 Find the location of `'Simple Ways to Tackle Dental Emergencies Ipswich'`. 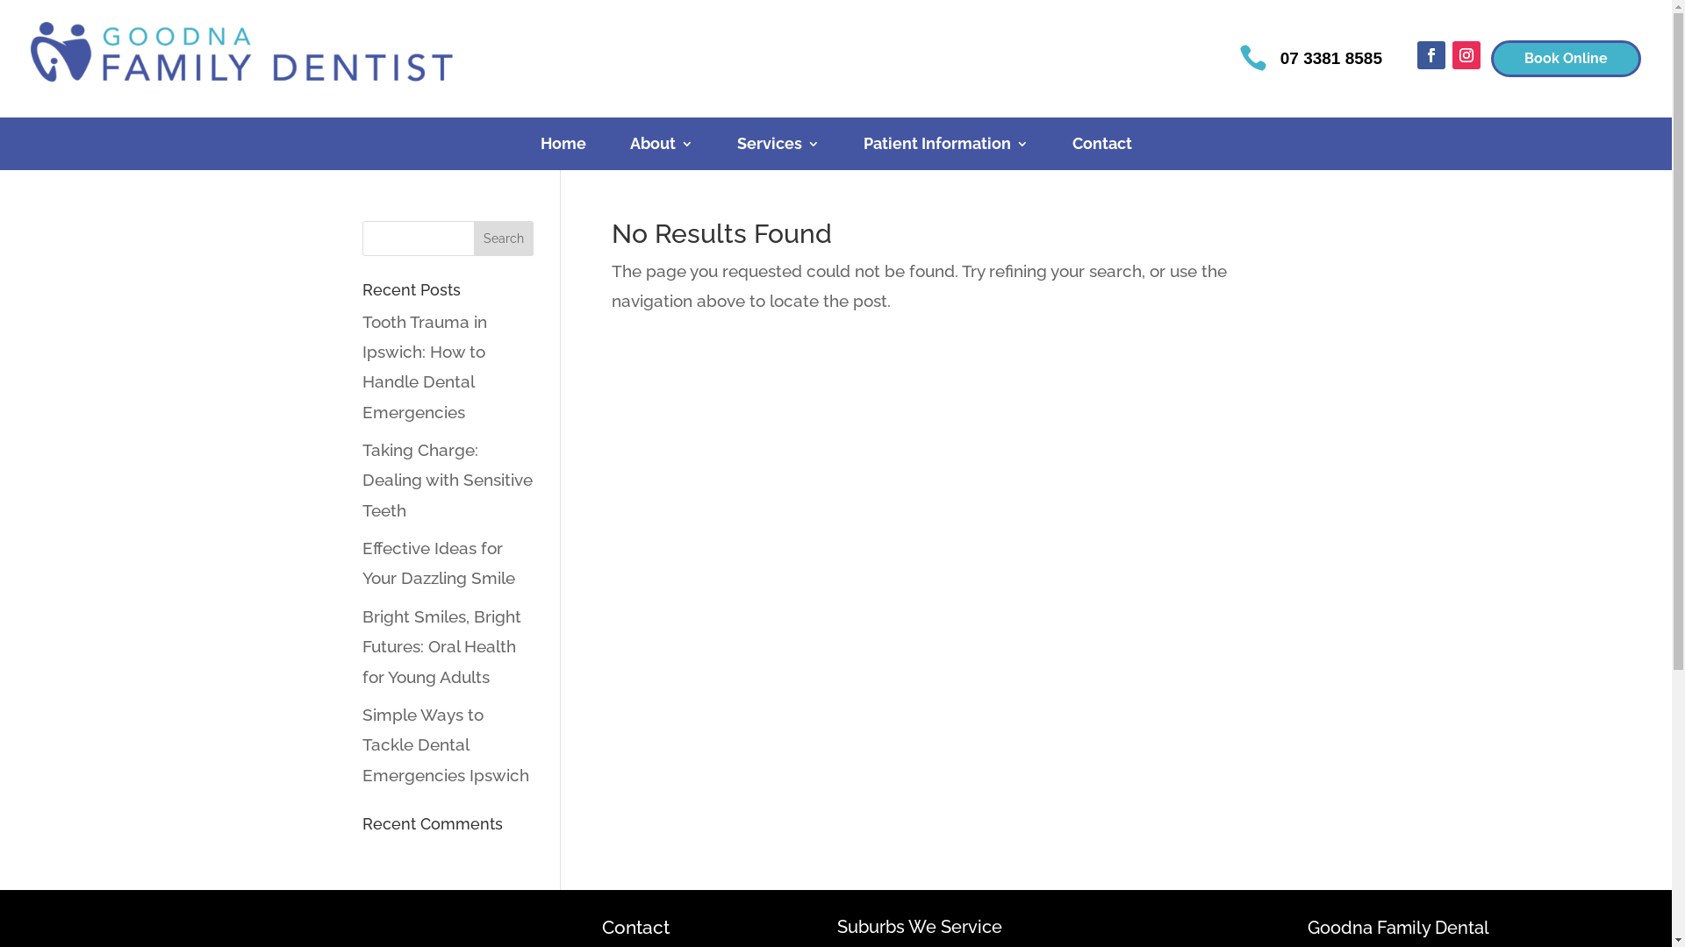

'Simple Ways to Tackle Dental Emergencies Ipswich' is located at coordinates (361, 744).